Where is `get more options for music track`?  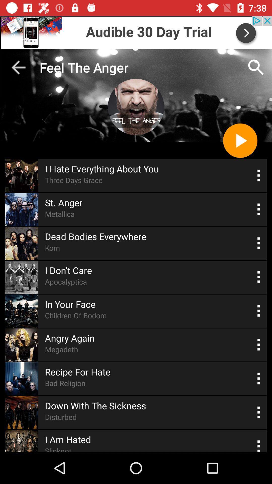
get more options for music track is located at coordinates (259, 243).